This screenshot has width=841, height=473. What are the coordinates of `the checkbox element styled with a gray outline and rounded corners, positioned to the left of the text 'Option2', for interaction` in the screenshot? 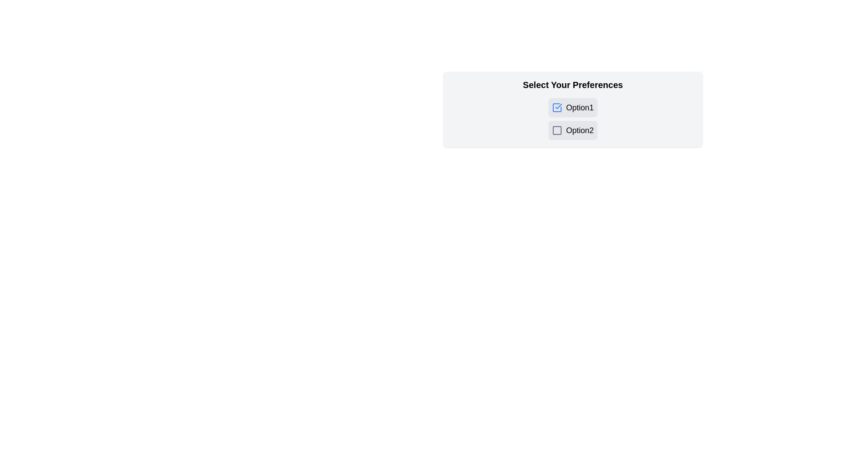 It's located at (557, 130).